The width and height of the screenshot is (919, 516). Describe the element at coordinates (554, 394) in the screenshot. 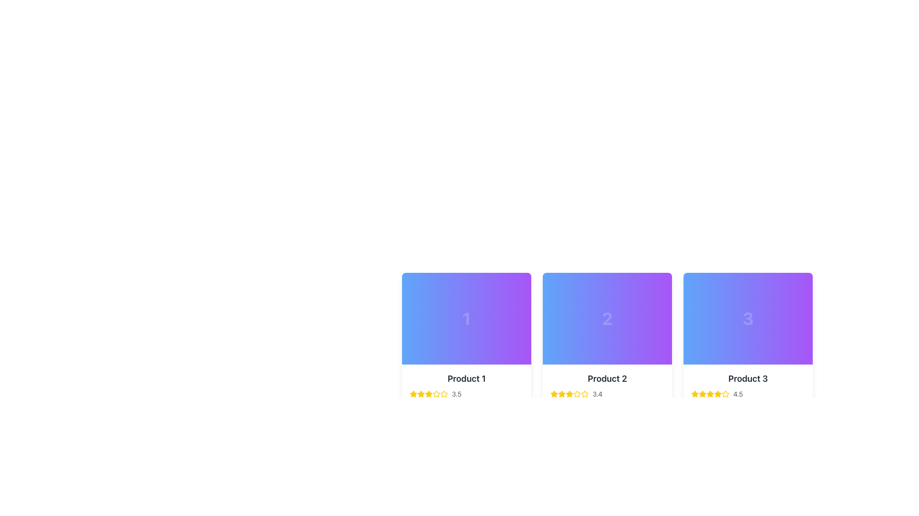

I see `the second star icon in the star rating for 'Product 2', which visually indicates a partial star rating and is located directly below the product title` at that location.